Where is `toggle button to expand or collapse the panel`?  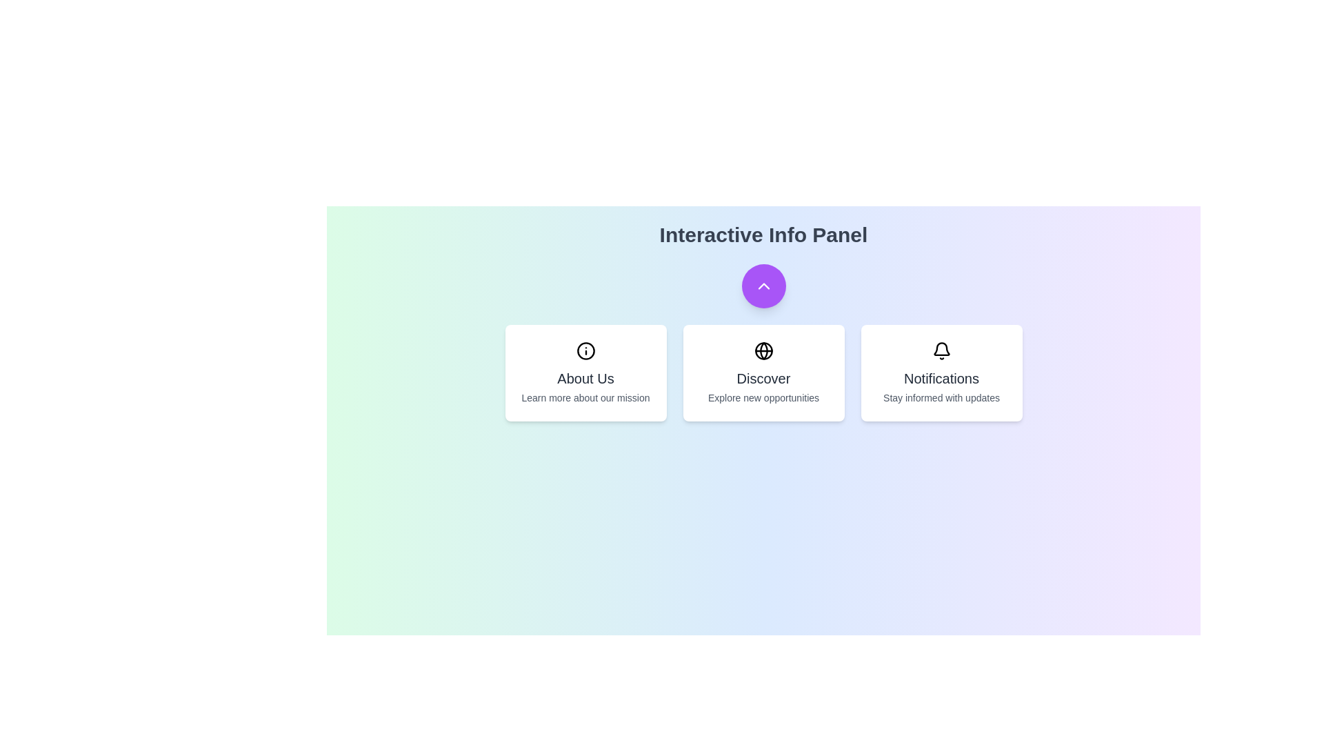
toggle button to expand or collapse the panel is located at coordinates (763, 286).